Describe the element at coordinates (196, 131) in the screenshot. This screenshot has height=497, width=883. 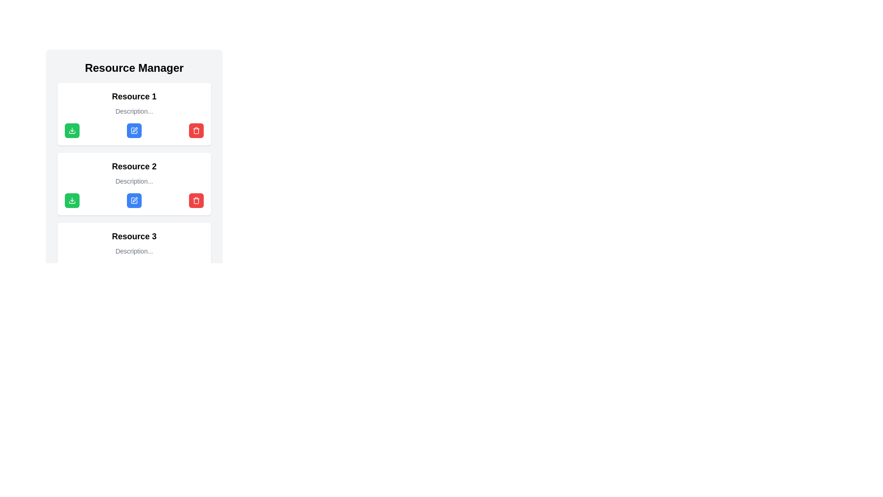
I see `the delete button located on the far-right side of a row in the list` at that location.